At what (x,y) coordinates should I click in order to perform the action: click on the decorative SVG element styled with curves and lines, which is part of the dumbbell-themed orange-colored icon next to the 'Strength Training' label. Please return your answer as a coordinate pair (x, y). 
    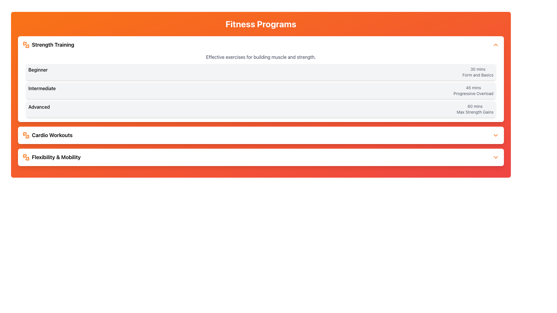
    Looking at the image, I should click on (24, 156).